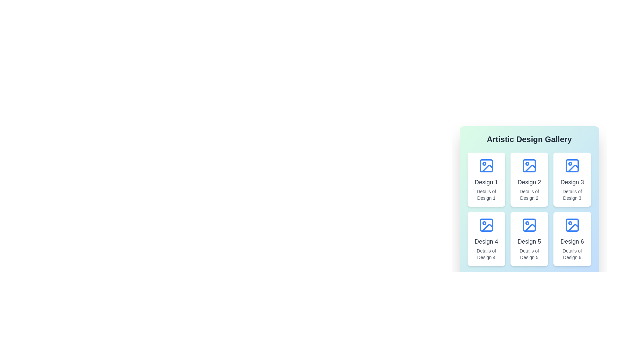 This screenshot has height=356, width=634. I want to click on the fourth card in the gallery that provides information about 'Design 4', so click(486, 239).